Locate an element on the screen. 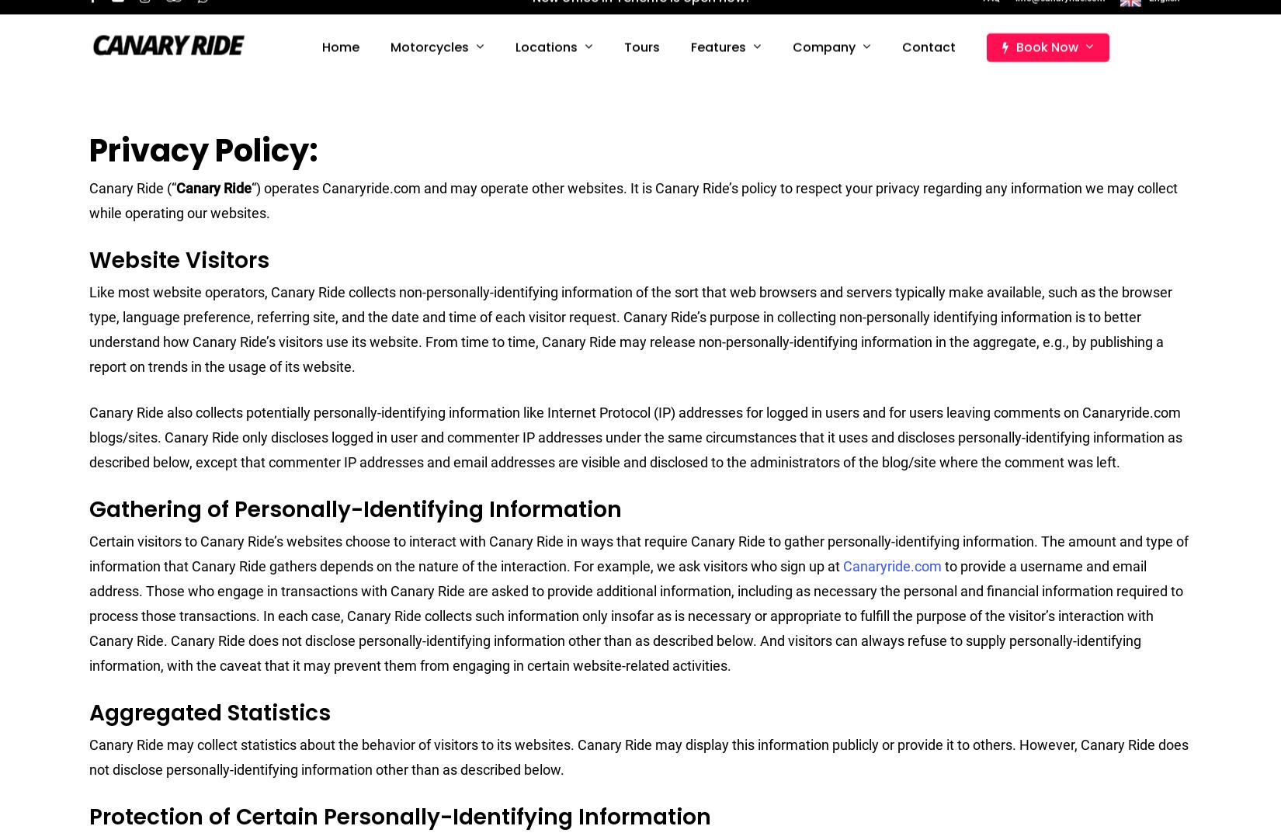 This screenshot has width=1281, height=833. 'info@canaryride.com' is located at coordinates (1059, 16).